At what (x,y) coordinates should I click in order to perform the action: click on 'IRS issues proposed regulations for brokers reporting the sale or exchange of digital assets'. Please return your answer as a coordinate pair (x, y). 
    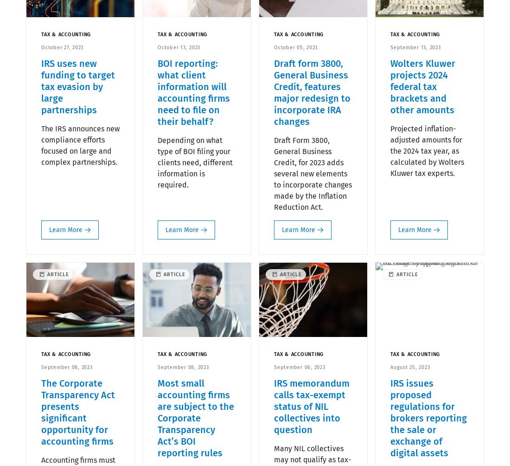
    Looking at the image, I should click on (390, 417).